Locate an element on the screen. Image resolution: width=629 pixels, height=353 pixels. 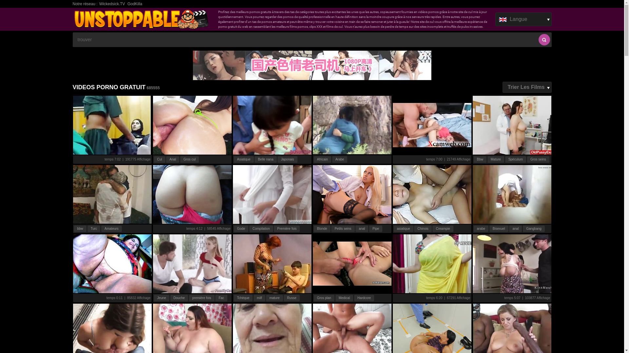
'Medical' is located at coordinates (335, 298).